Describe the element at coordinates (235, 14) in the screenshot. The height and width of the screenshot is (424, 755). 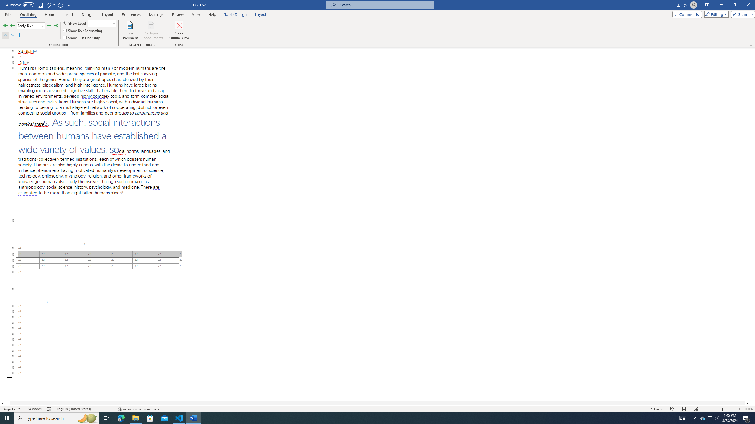
I see `'Table Design'` at that location.